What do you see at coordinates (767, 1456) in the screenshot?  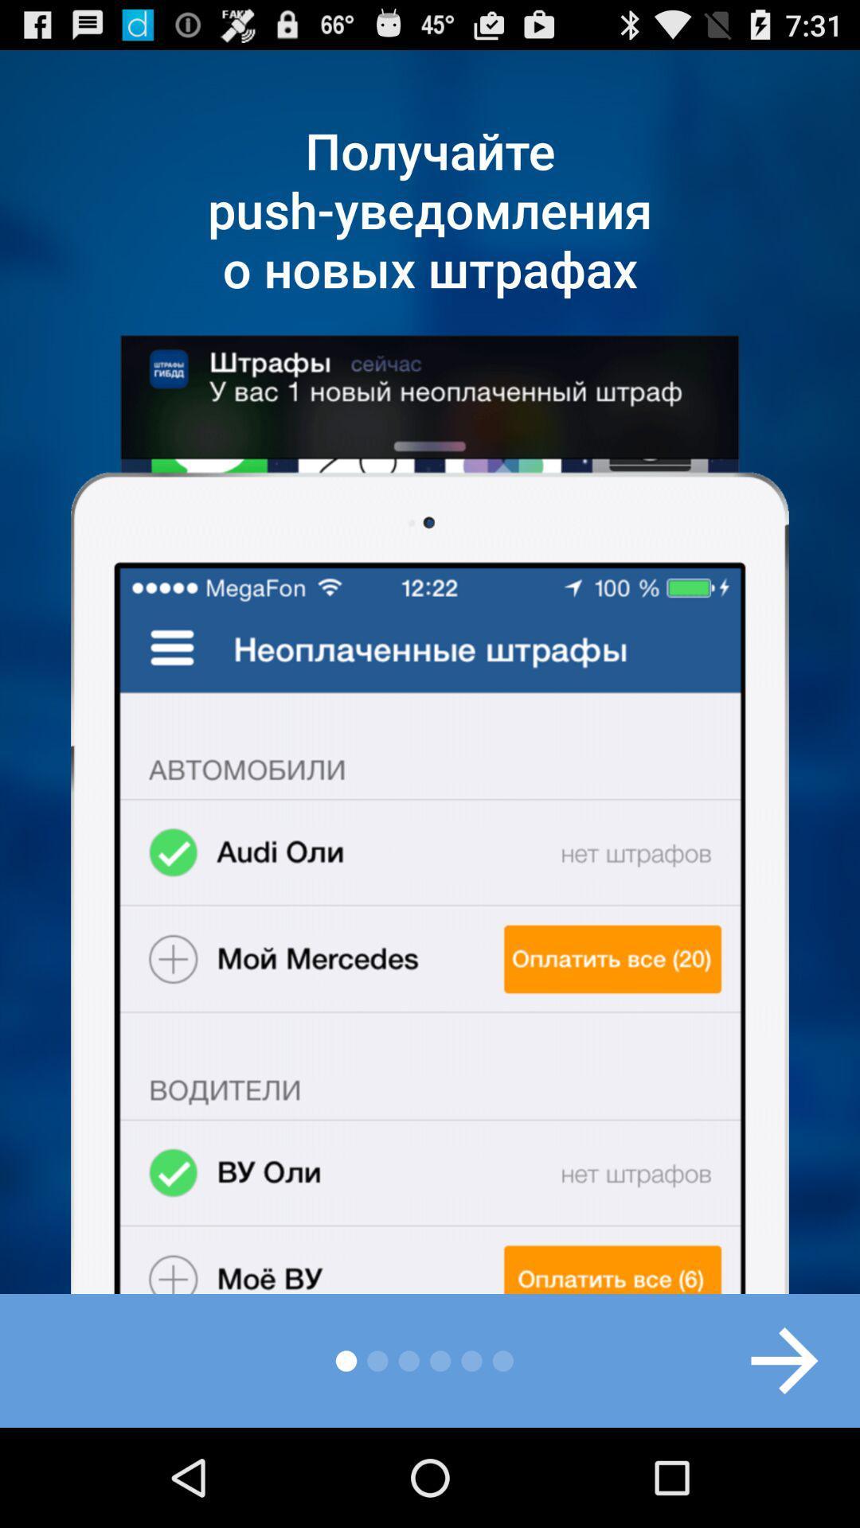 I see `the arrow_forward icon` at bounding box center [767, 1456].